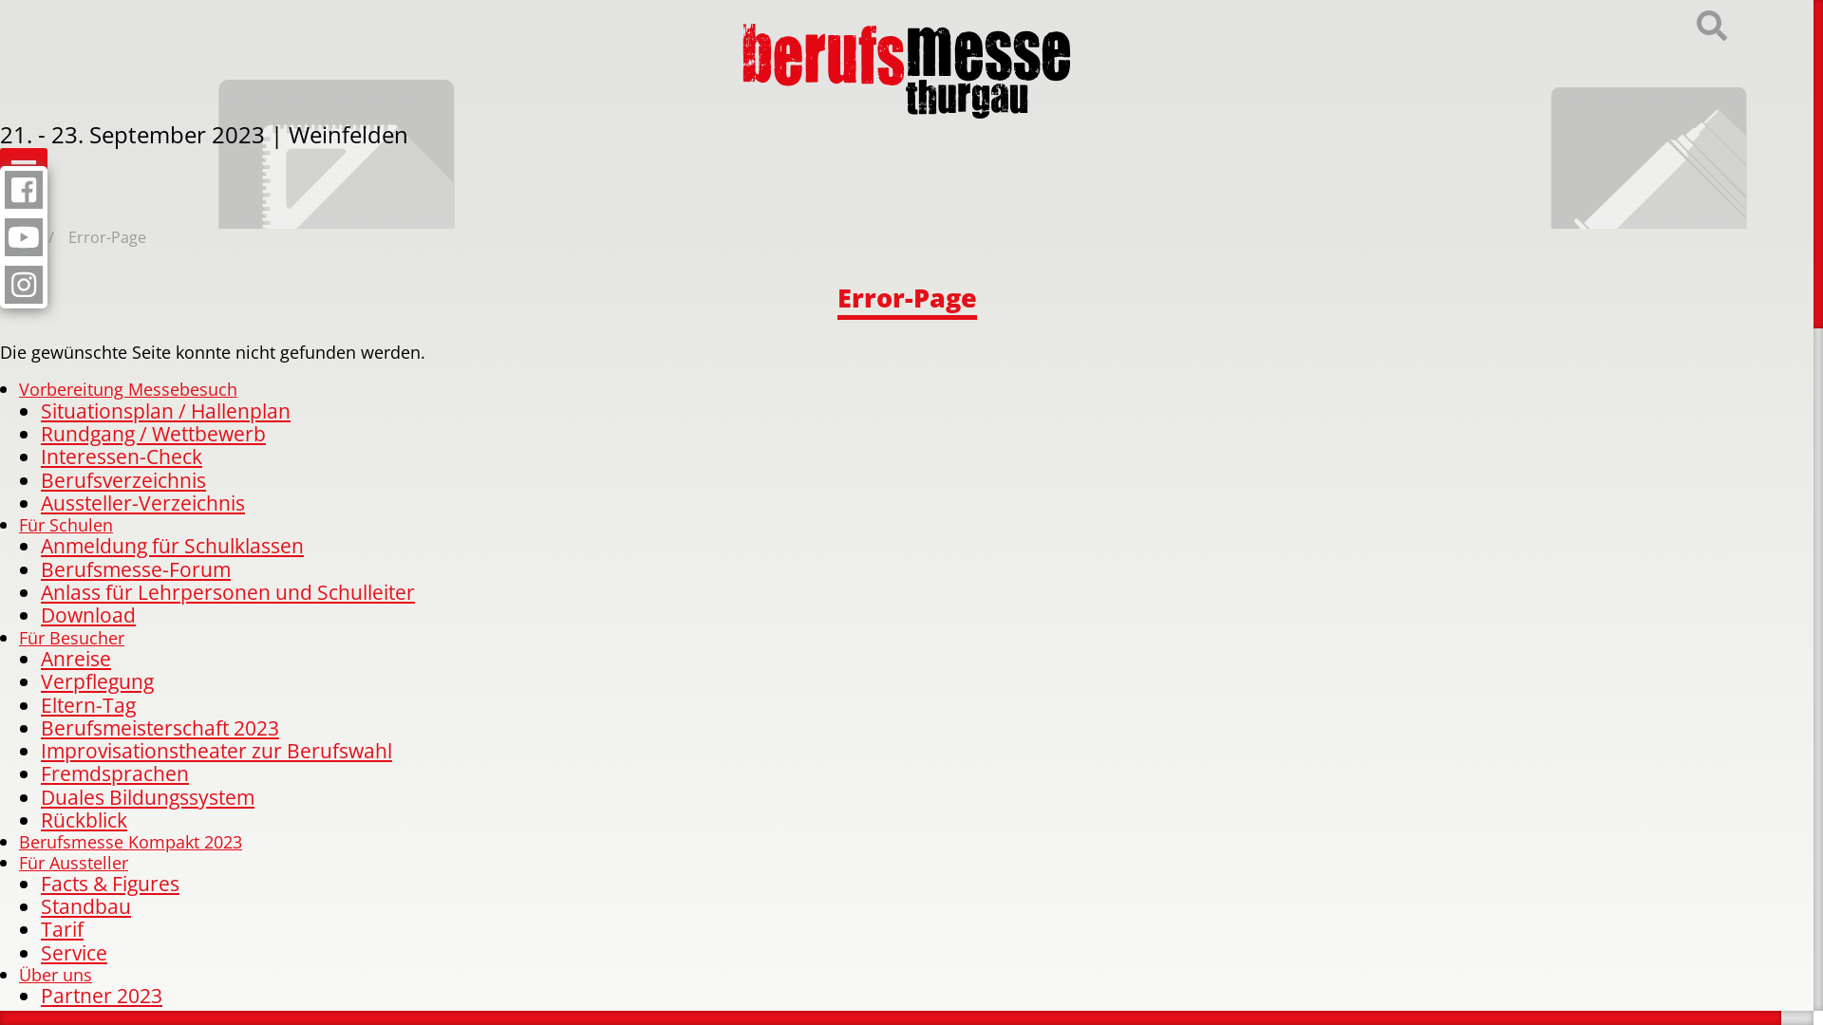 The height and width of the screenshot is (1025, 1823). What do you see at coordinates (41, 796) in the screenshot?
I see `'Duales Bildungssystem'` at bounding box center [41, 796].